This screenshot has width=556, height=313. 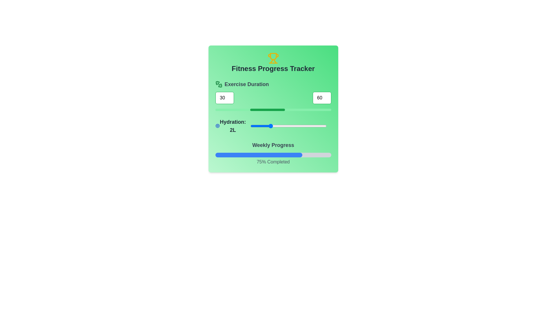 I want to click on content displayed in the text label that shows '75% Completed', which is styled in gray and located beneath the 'Weekly Progress' progress bar, so click(x=273, y=162).